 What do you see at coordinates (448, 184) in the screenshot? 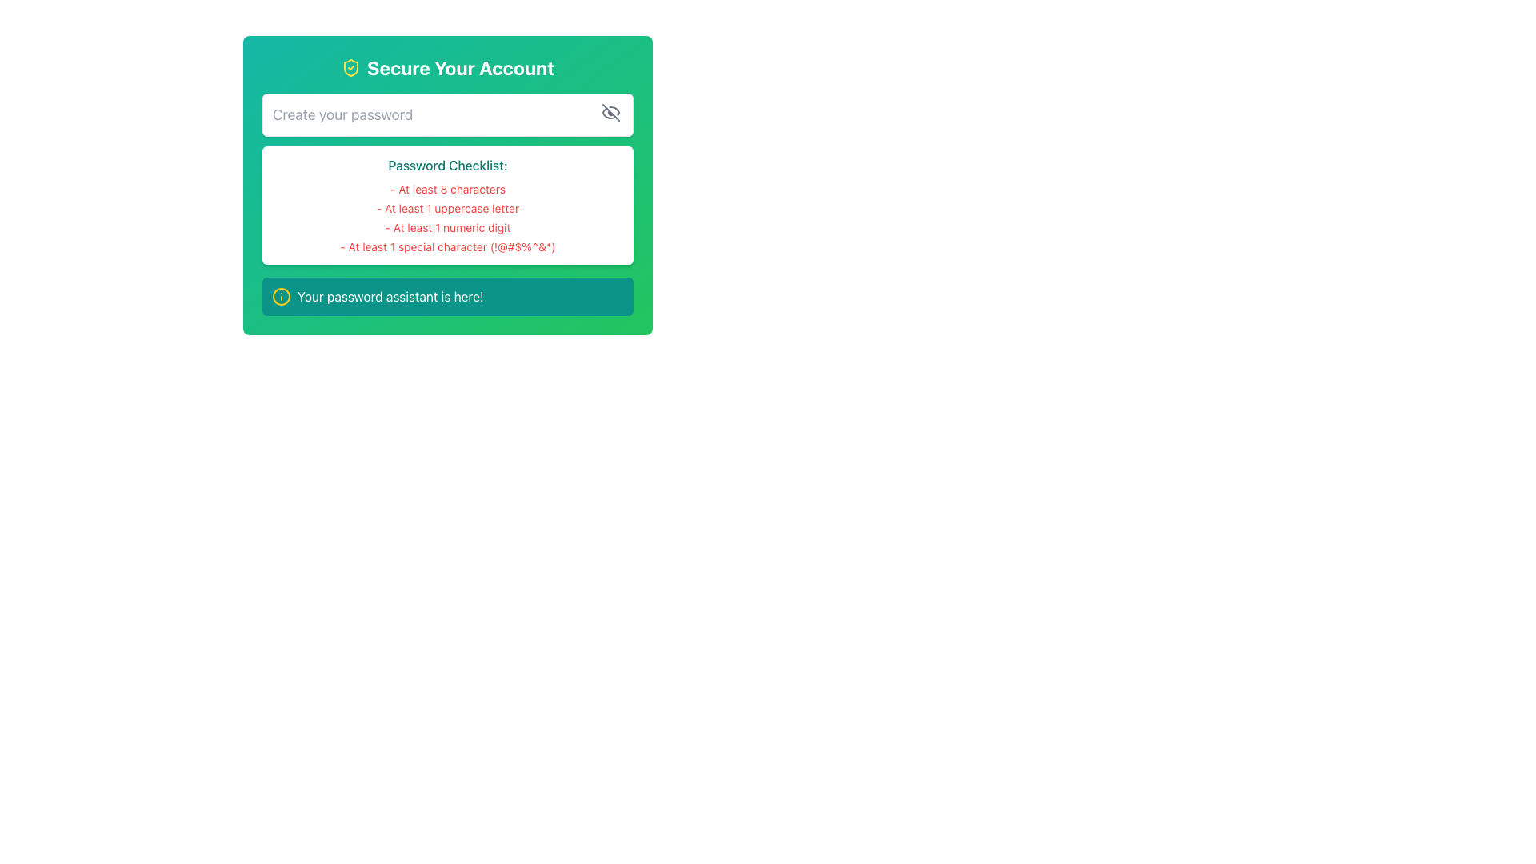
I see `password checklist displayed in the white box below the input field in the 'Secure Your Account' component to verify password criteria` at bounding box center [448, 184].